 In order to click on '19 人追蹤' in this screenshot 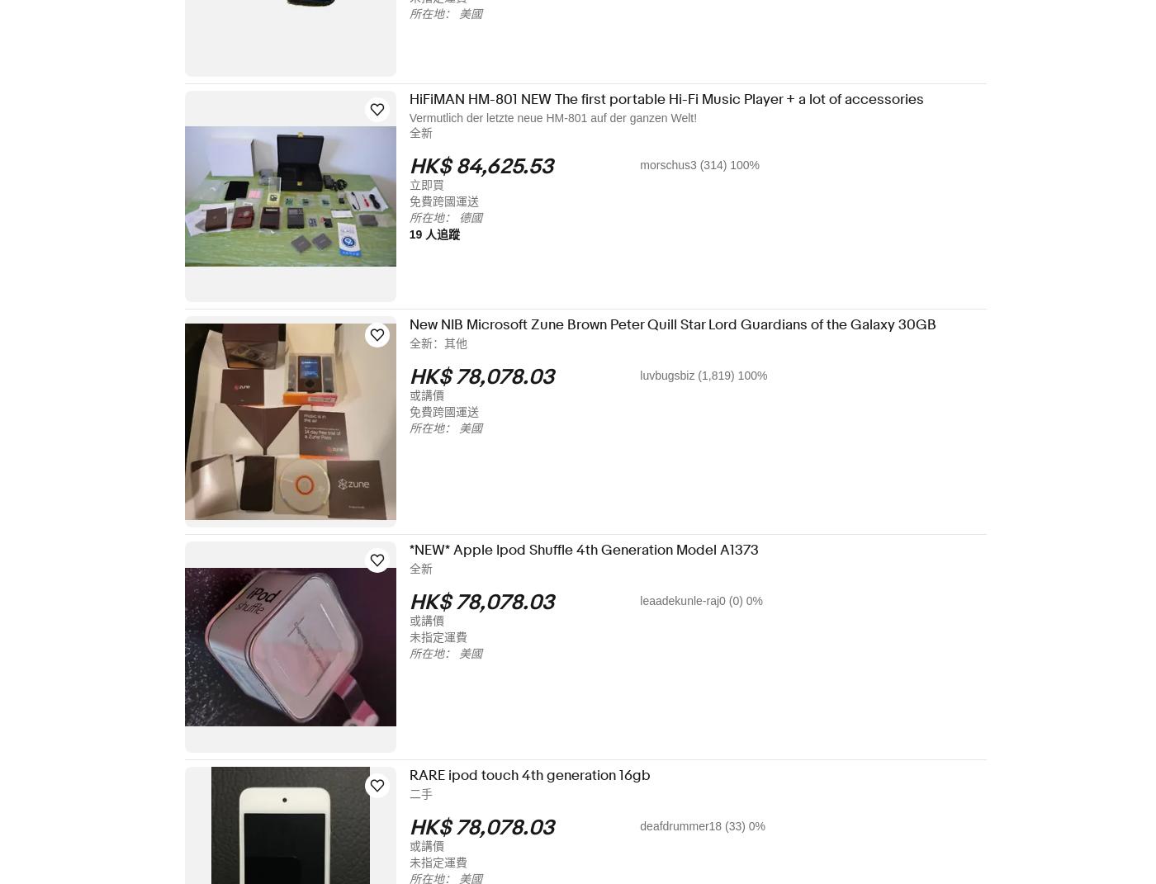, I will do `click(445, 234)`.